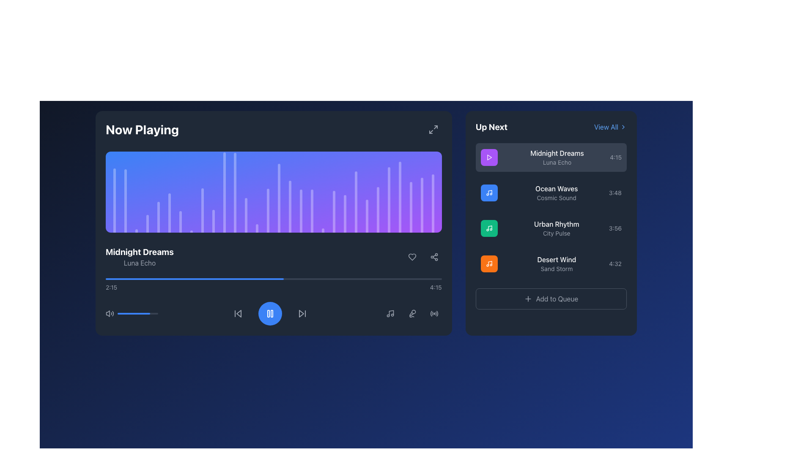 The width and height of the screenshot is (812, 456). What do you see at coordinates (557, 228) in the screenshot?
I see `the 'Urban Rhythm' Text Label` at bounding box center [557, 228].